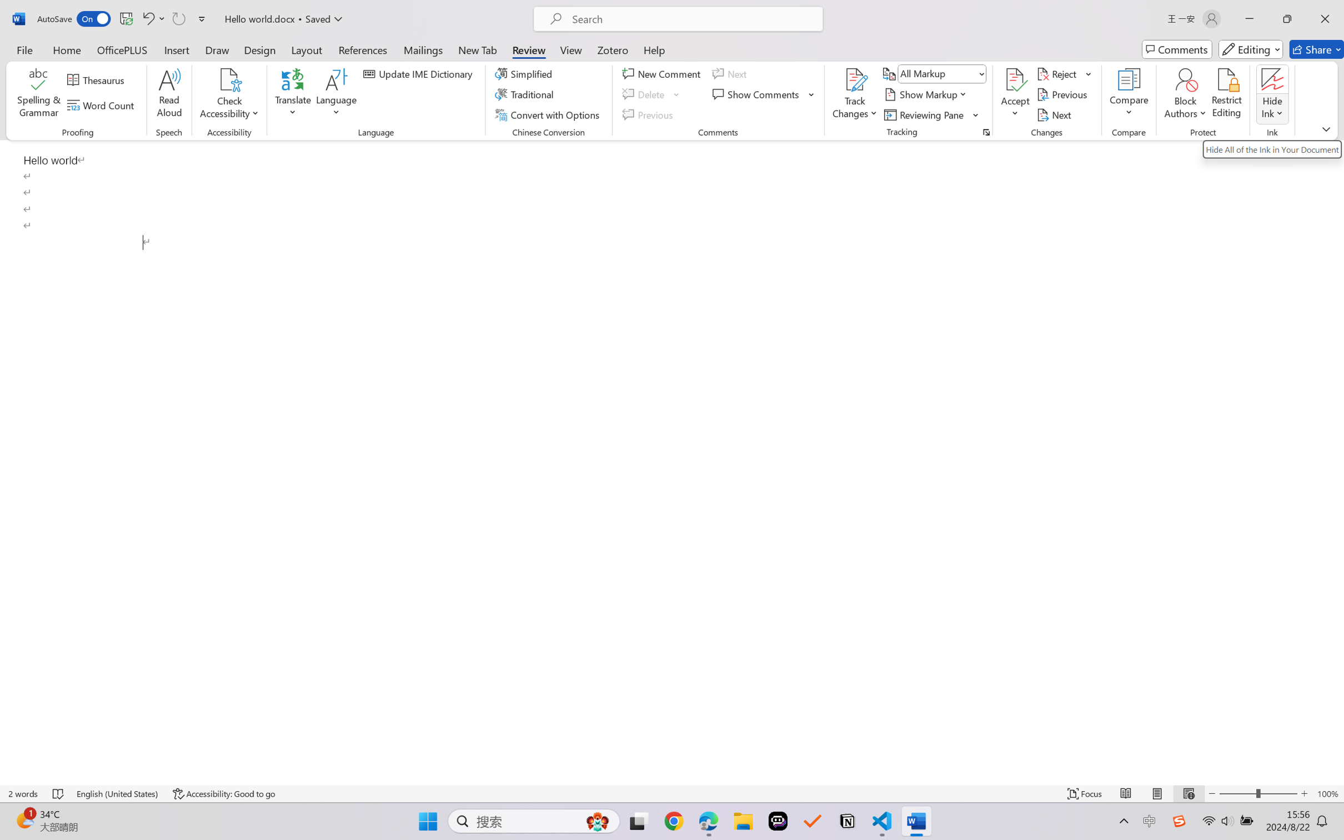 The height and width of the screenshot is (840, 1344). What do you see at coordinates (1015, 79) in the screenshot?
I see `'Accept and Move to Next'` at bounding box center [1015, 79].